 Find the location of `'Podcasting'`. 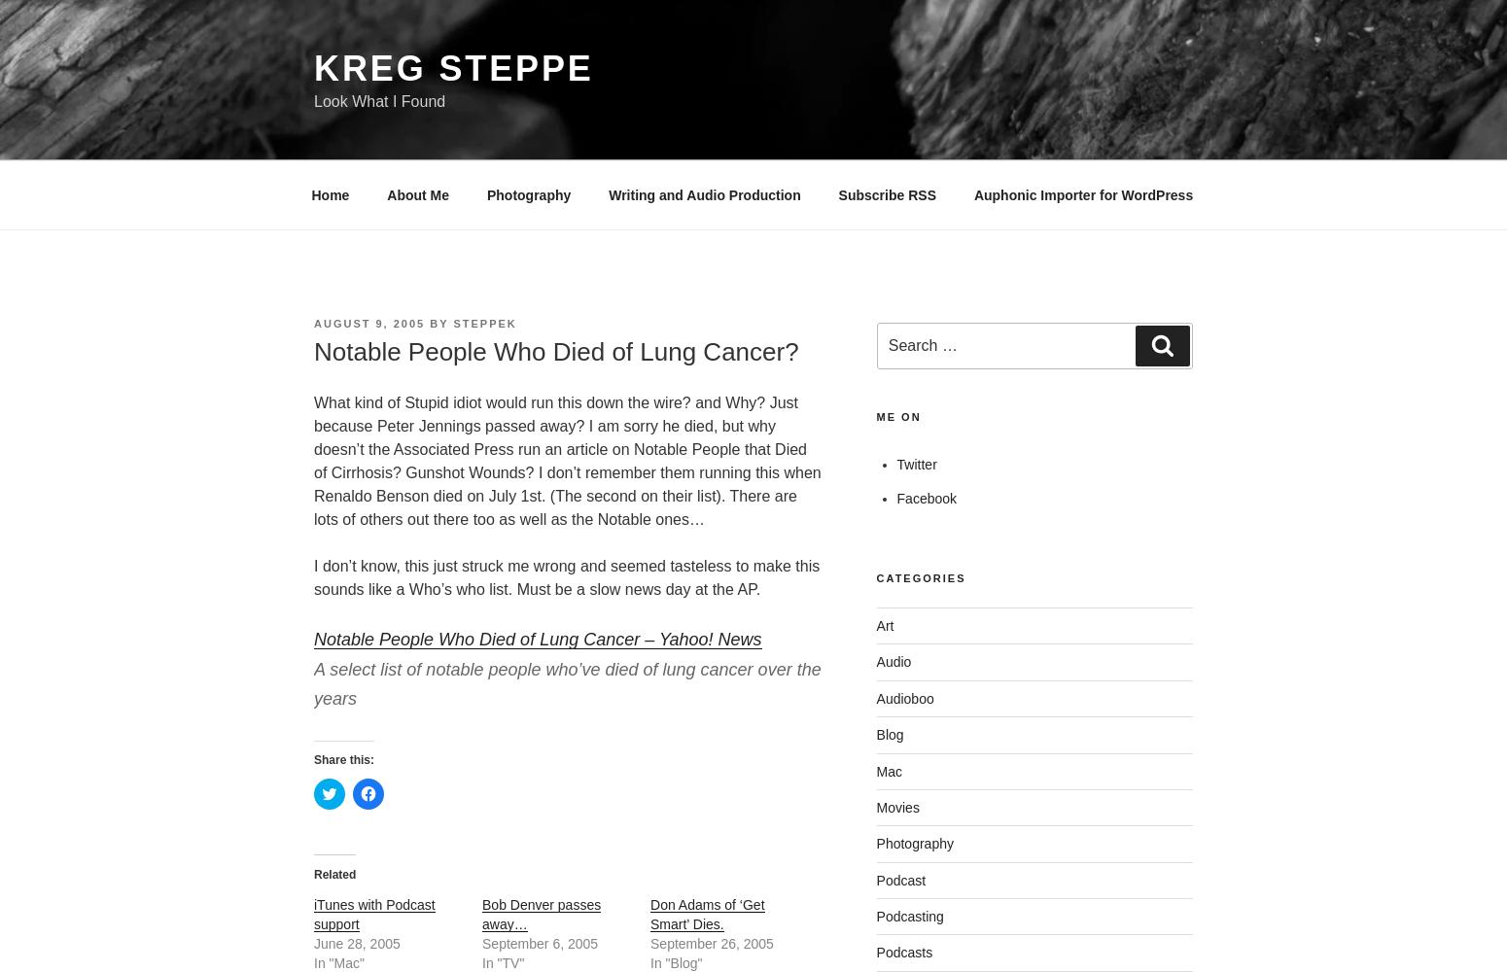

'Podcasting' is located at coordinates (908, 916).